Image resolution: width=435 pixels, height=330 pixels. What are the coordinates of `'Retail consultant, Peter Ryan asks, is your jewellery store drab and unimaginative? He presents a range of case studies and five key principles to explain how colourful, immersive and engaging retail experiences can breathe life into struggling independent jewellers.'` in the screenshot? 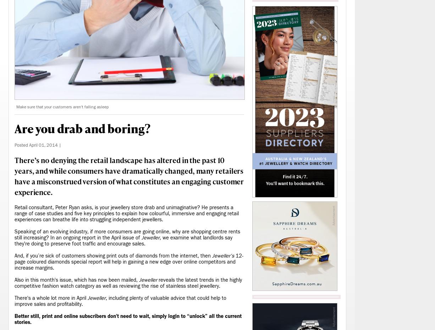 It's located at (126, 213).